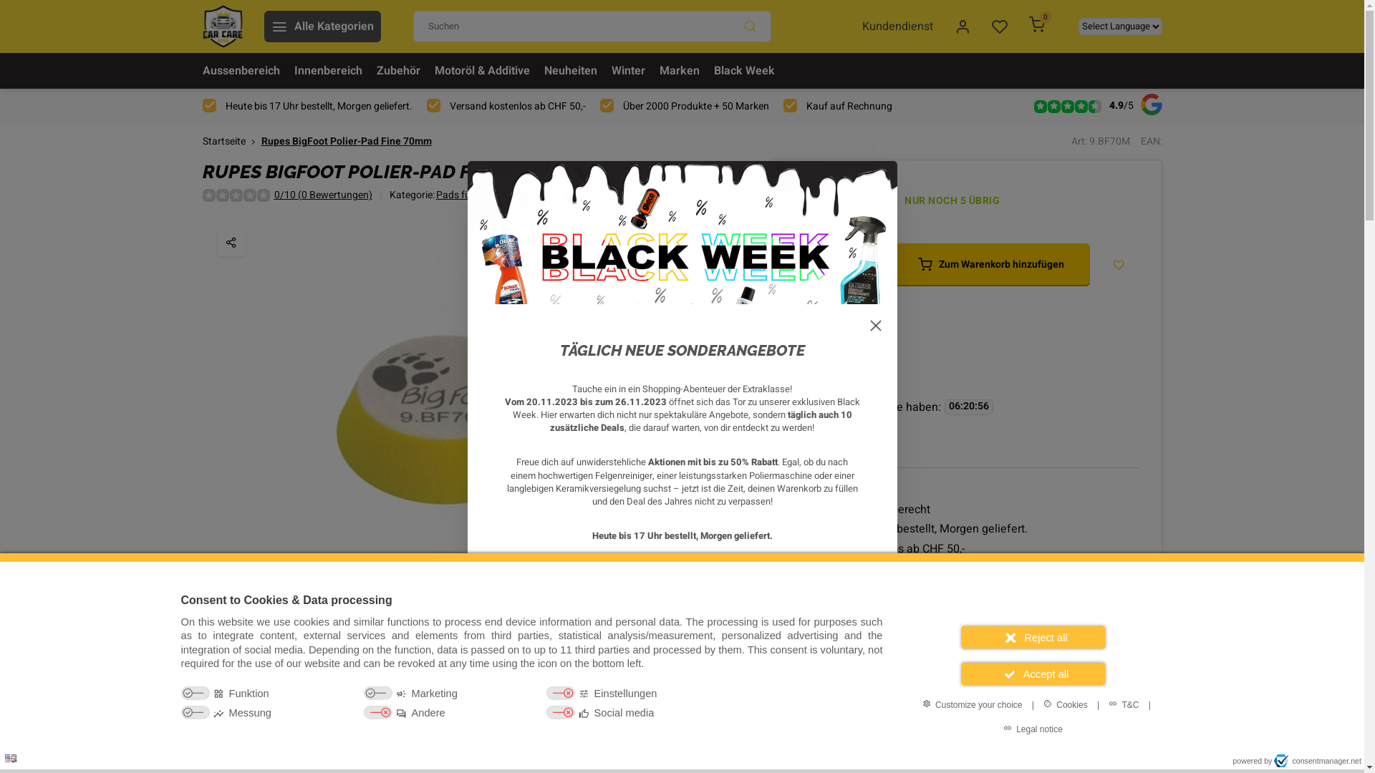  I want to click on 'Privacy settings', so click(16, 755).